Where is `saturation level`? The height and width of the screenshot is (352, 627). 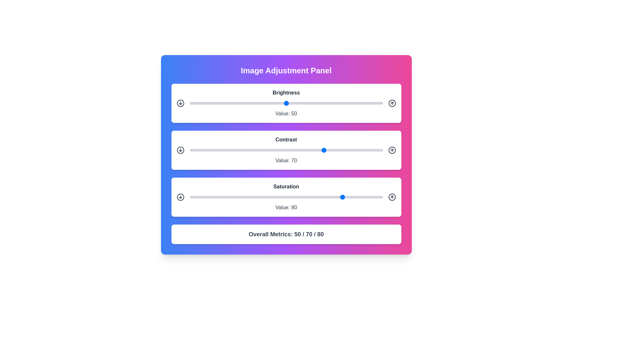 saturation level is located at coordinates (195, 197).